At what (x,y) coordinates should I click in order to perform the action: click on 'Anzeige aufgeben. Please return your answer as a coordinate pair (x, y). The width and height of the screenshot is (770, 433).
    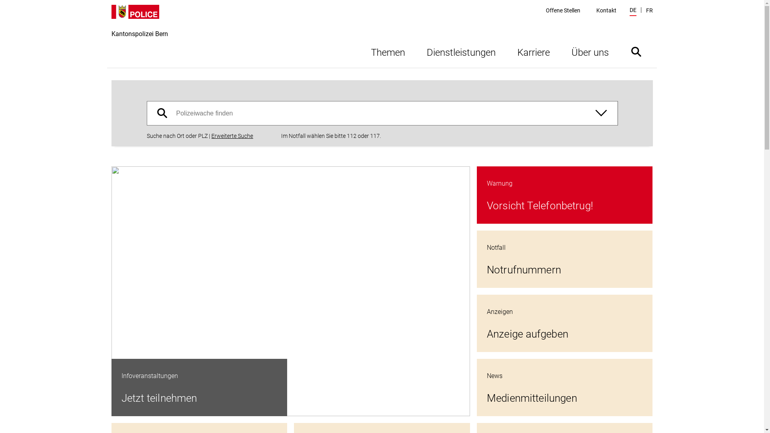
    Looking at the image, I should click on (564, 323).